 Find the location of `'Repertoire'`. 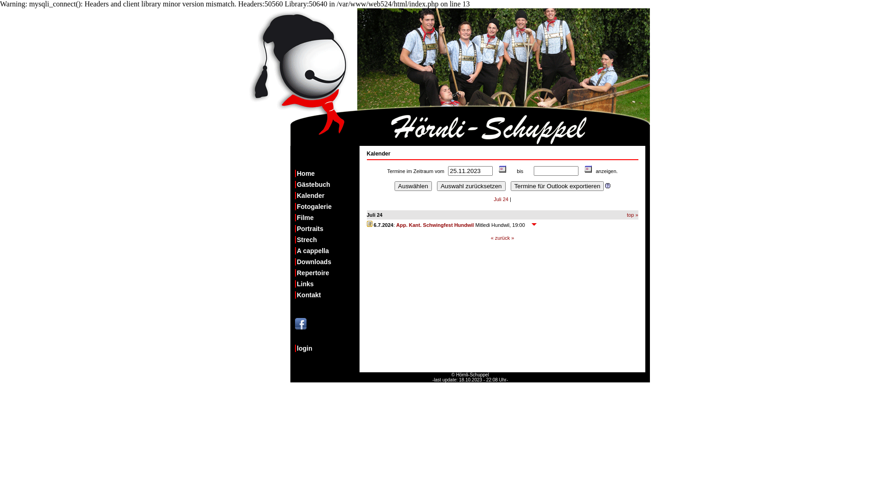

'Repertoire' is located at coordinates (327, 272).